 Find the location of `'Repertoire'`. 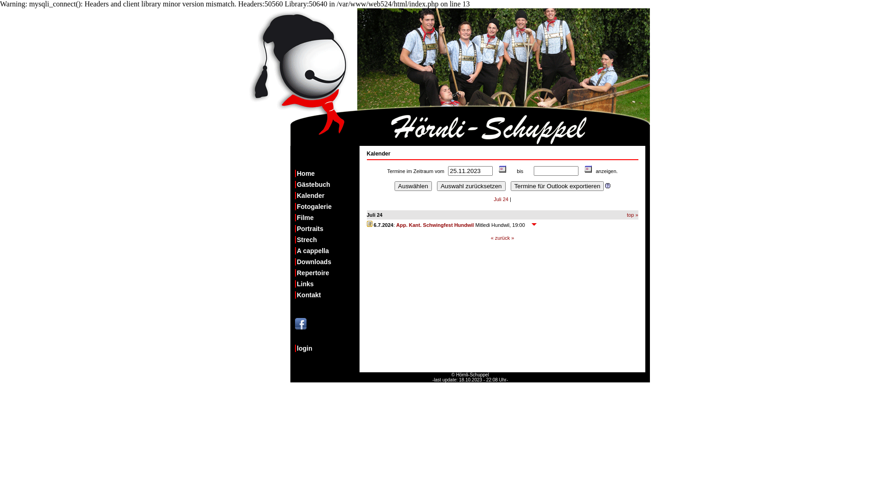

'Repertoire' is located at coordinates (327, 272).